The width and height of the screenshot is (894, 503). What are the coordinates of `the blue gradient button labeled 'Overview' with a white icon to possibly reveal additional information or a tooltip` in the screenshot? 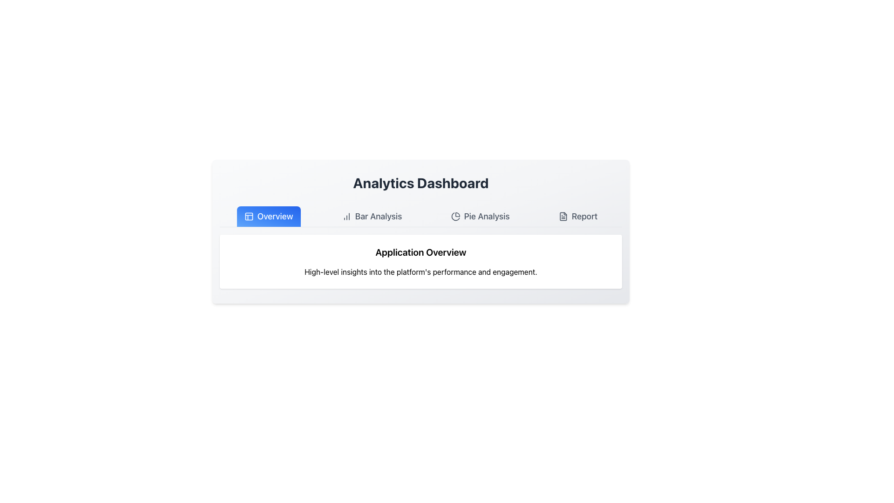 It's located at (268, 217).